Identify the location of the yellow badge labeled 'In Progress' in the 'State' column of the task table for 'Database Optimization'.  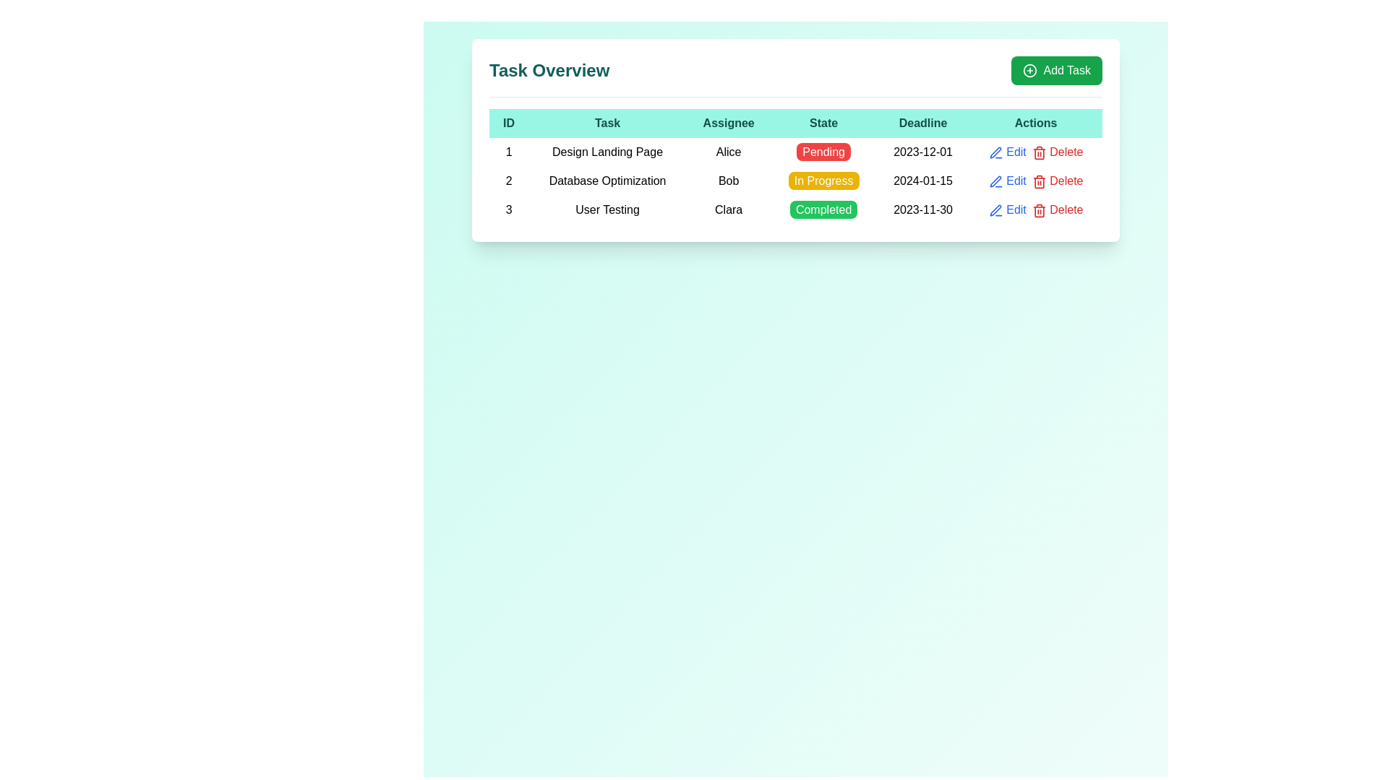
(823, 180).